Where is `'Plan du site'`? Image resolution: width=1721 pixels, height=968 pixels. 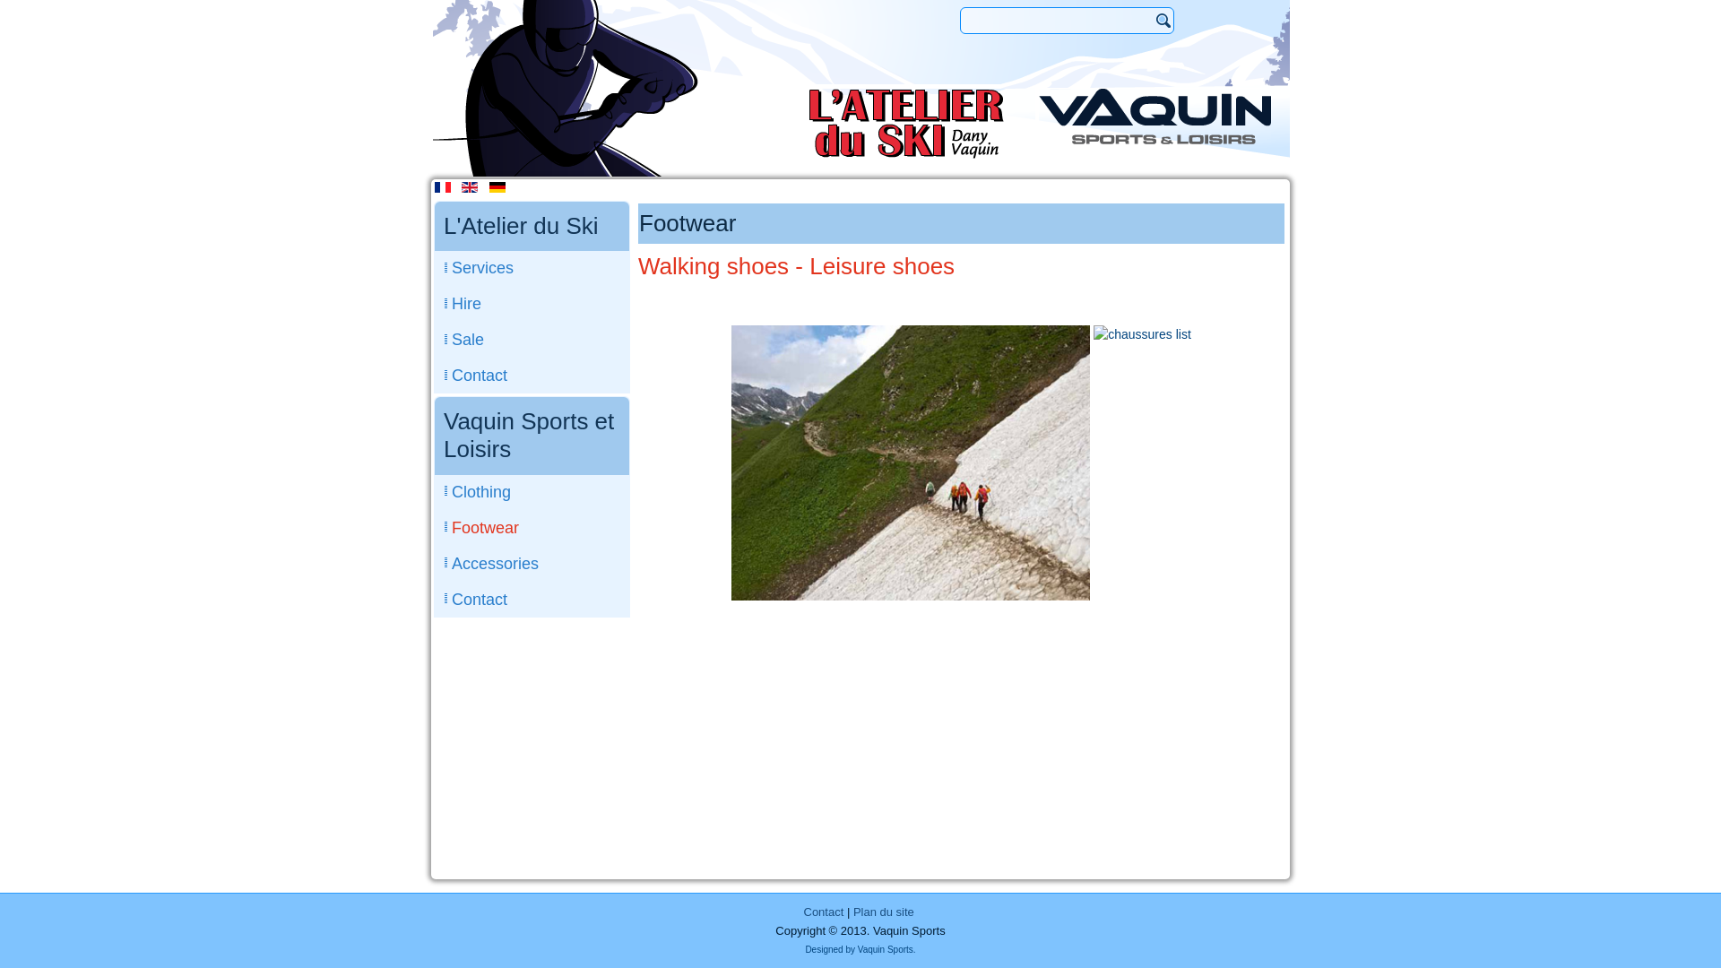 'Plan du site' is located at coordinates (883, 912).